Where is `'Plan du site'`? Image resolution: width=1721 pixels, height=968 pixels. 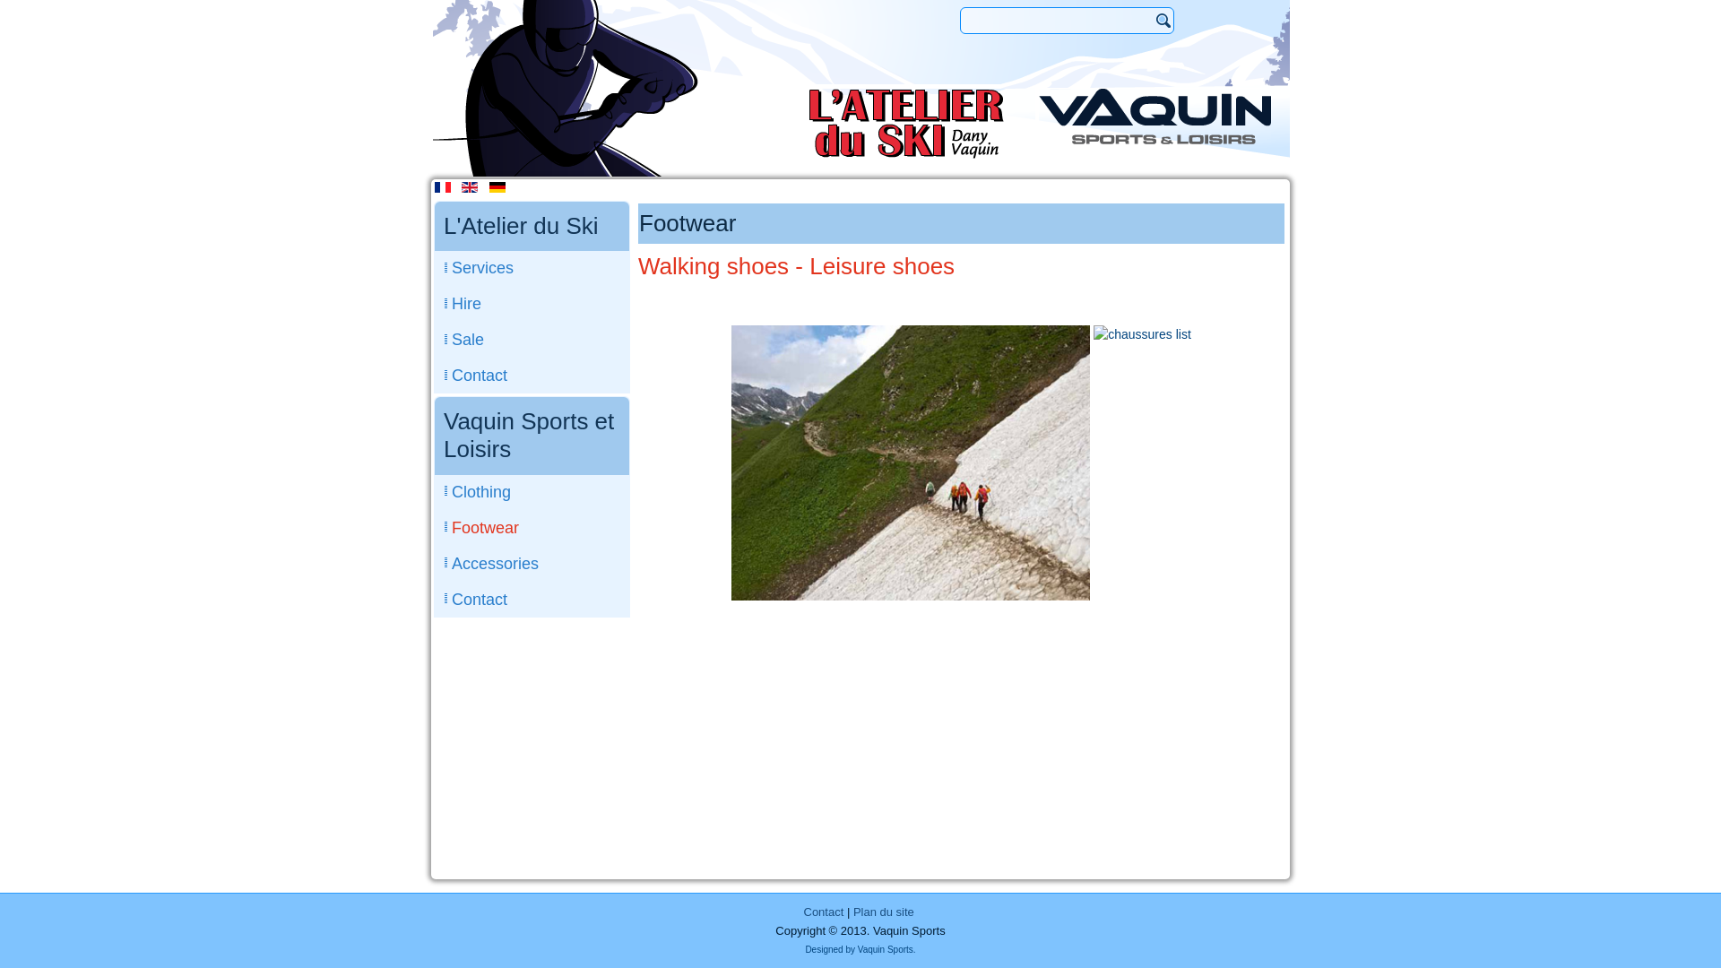 'Plan du site' is located at coordinates (883, 912).